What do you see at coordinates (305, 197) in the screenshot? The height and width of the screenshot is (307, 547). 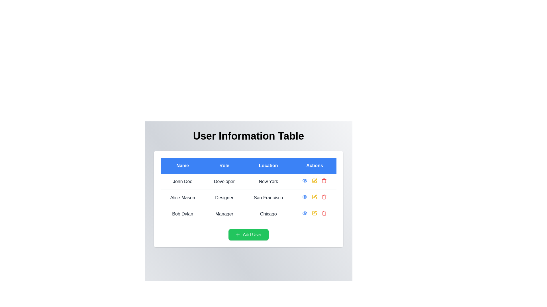 I see `the eye-shaped icon button with a blue outline located in the 'Actions' column of the second row of the user information table to change its color to a darker blue` at bounding box center [305, 197].